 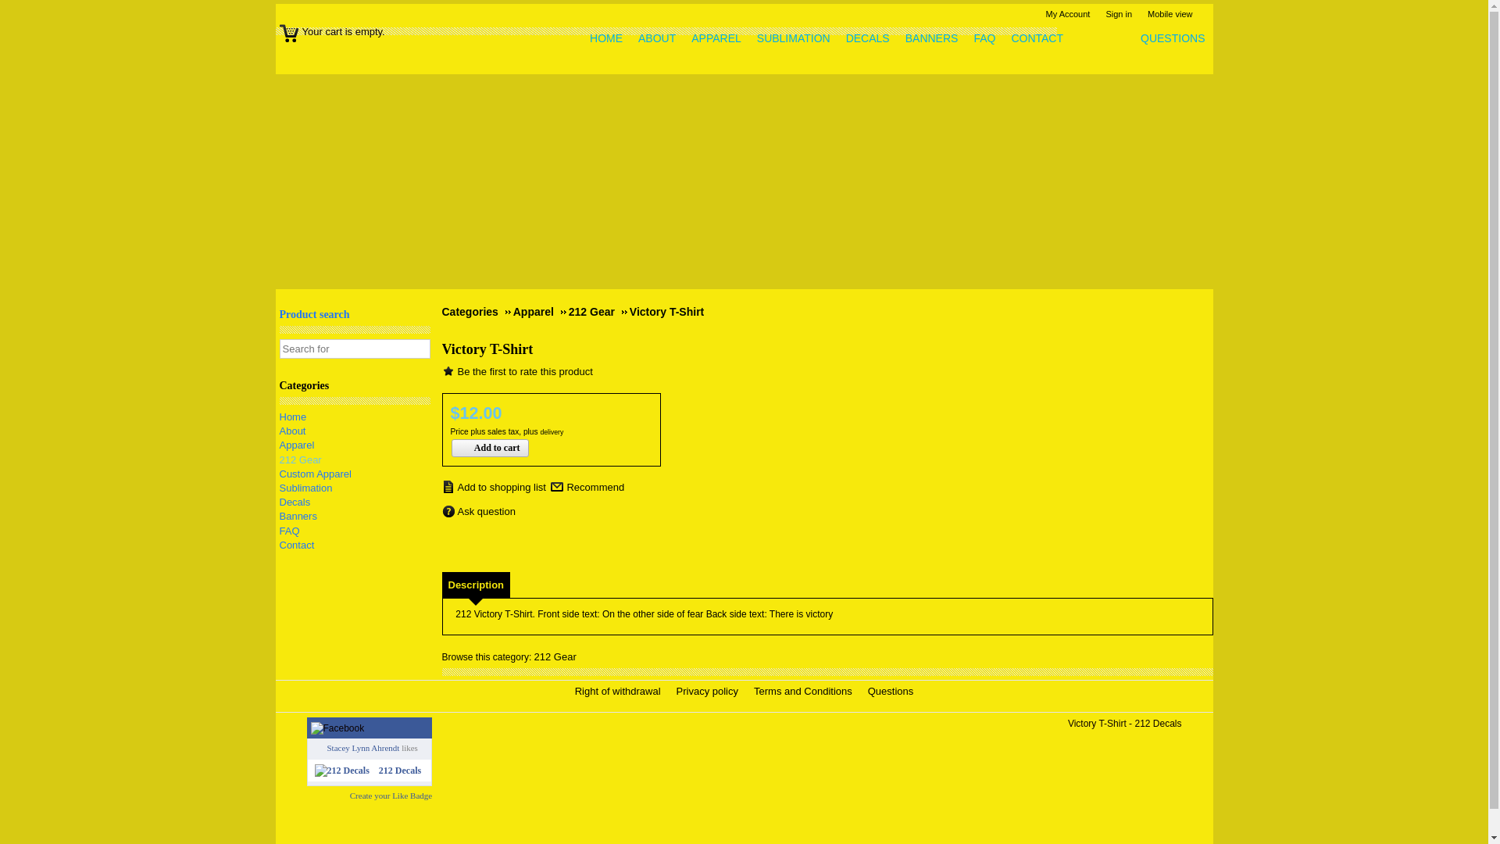 What do you see at coordinates (1177, 38) in the screenshot?
I see `'QUESTIONS'` at bounding box center [1177, 38].